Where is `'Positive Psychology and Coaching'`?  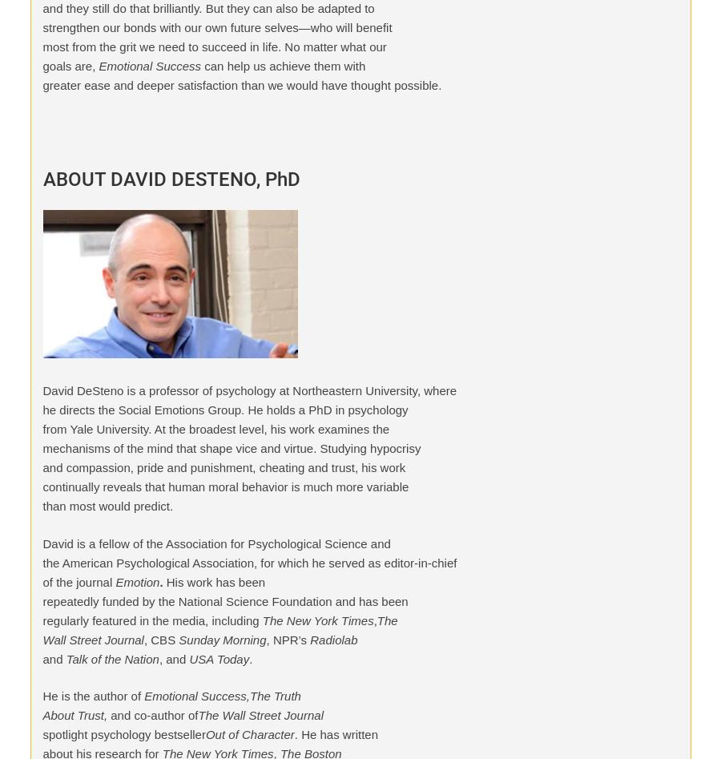
'Positive Psychology and Coaching' is located at coordinates (266, 62).